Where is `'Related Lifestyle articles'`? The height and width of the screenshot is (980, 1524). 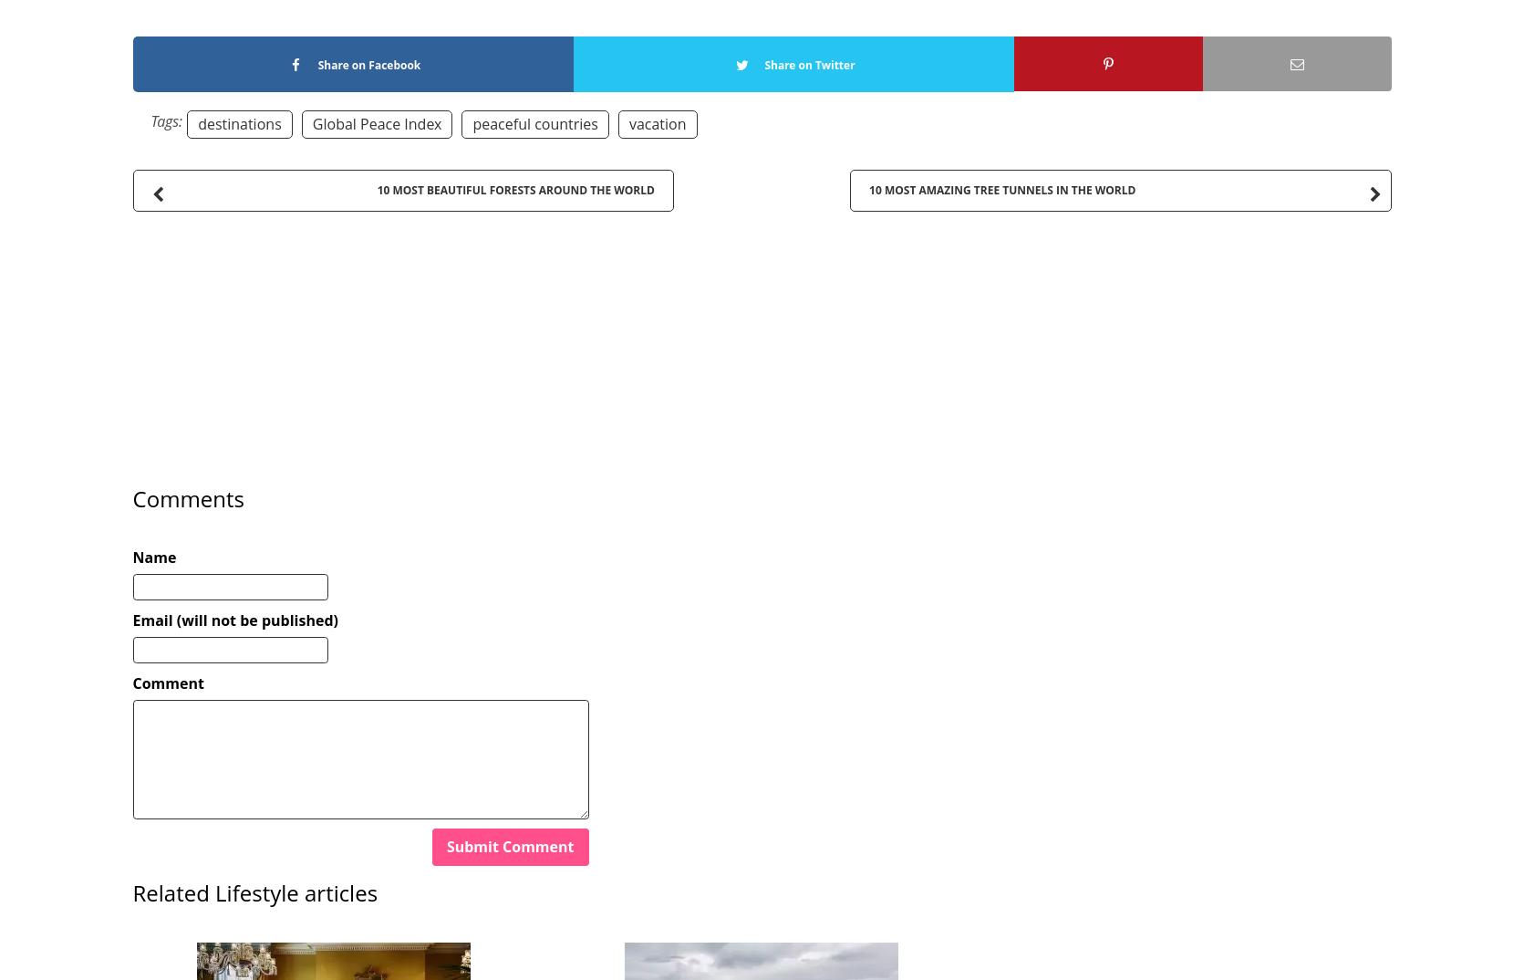 'Related Lifestyle articles' is located at coordinates (254, 891).